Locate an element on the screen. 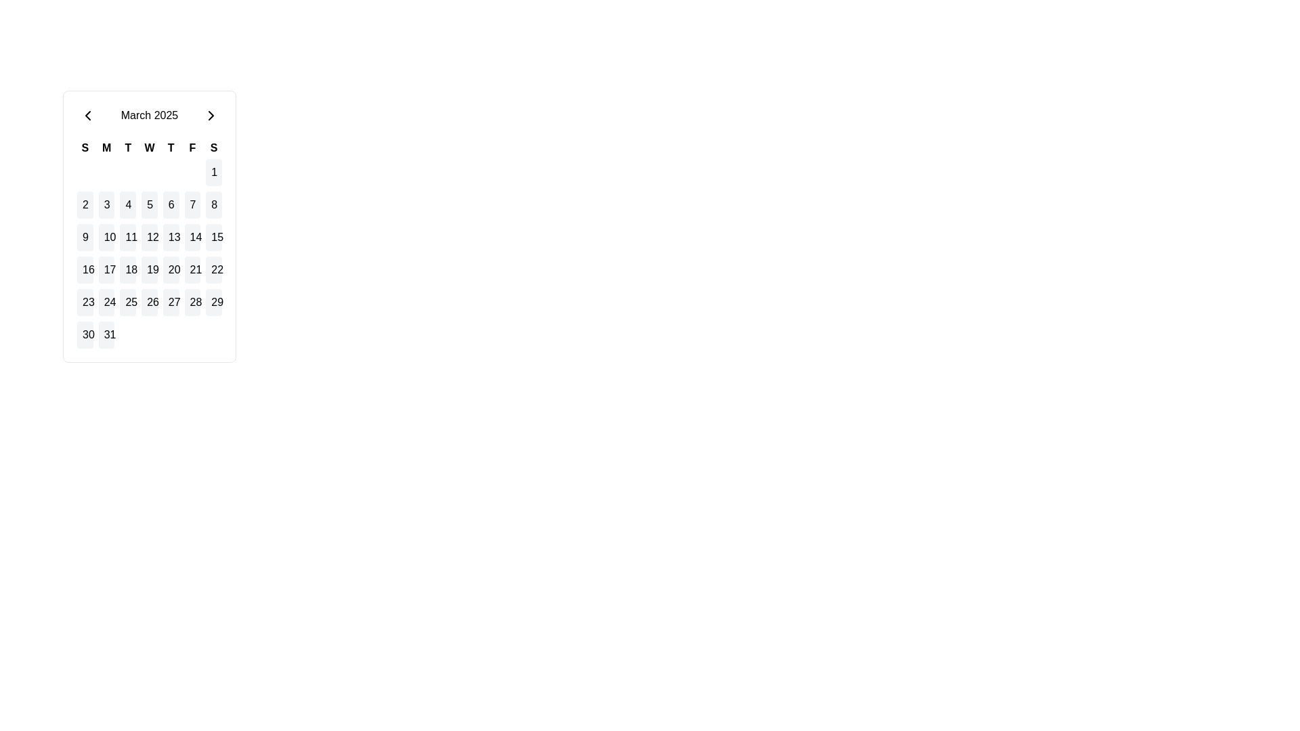  the bold letter 'F' label in the calendar grid, which indicates Friday and is the sixth element in the row of week day labels is located at coordinates (192, 148).